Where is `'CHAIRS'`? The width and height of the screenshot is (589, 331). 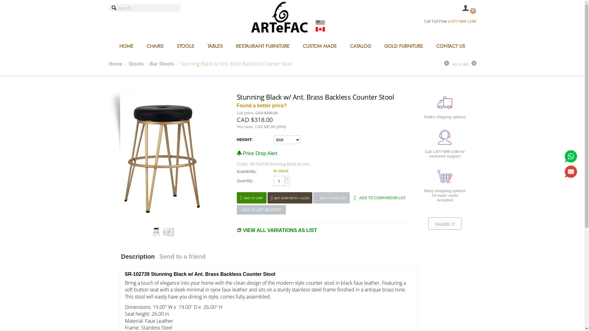 'CHAIRS' is located at coordinates (140, 46).